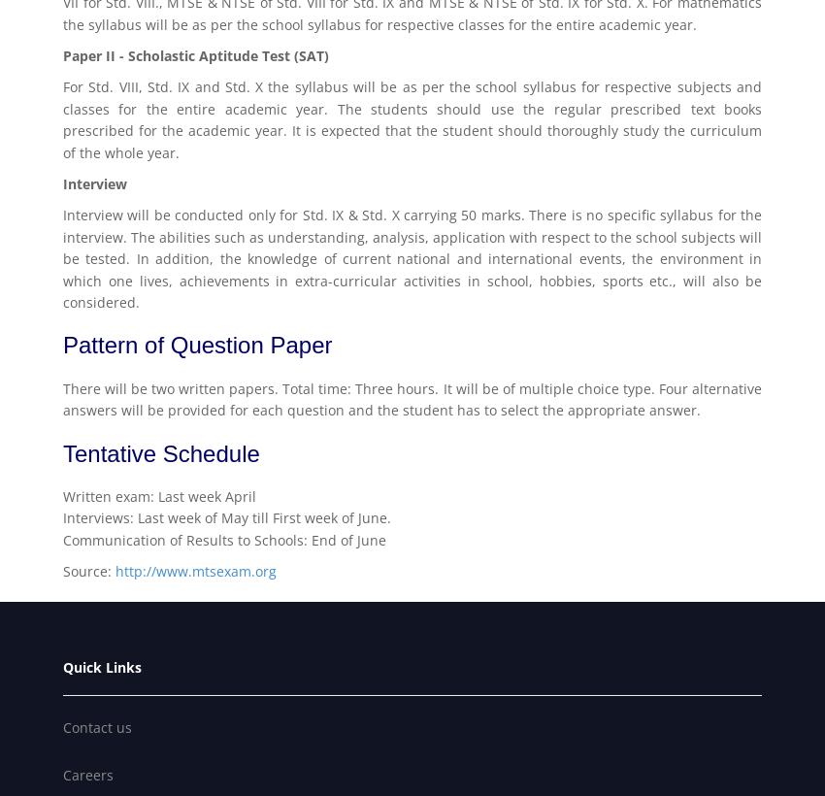 This screenshot has height=796, width=825. Describe the element at coordinates (96, 725) in the screenshot. I see `'Contact us'` at that location.